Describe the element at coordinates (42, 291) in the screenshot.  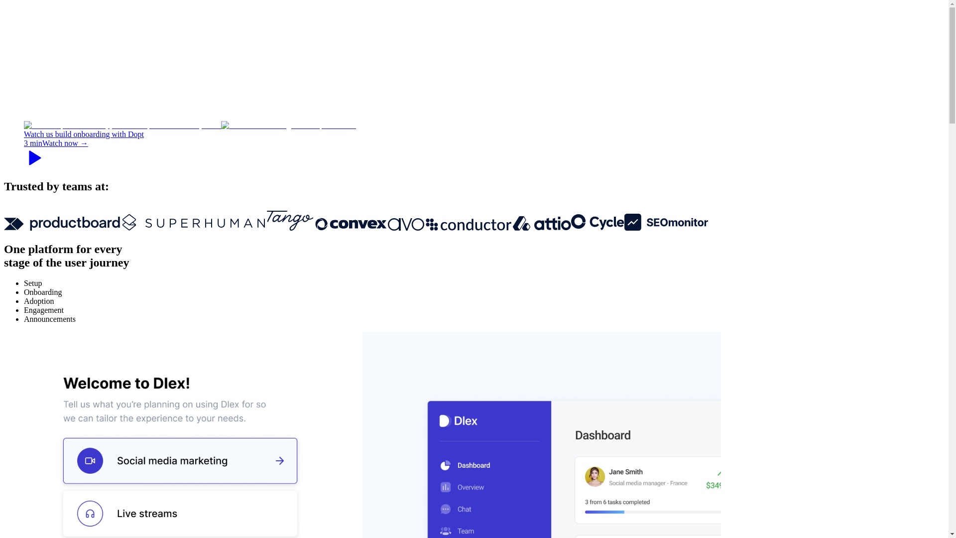
I see `'Onboarding'` at that location.